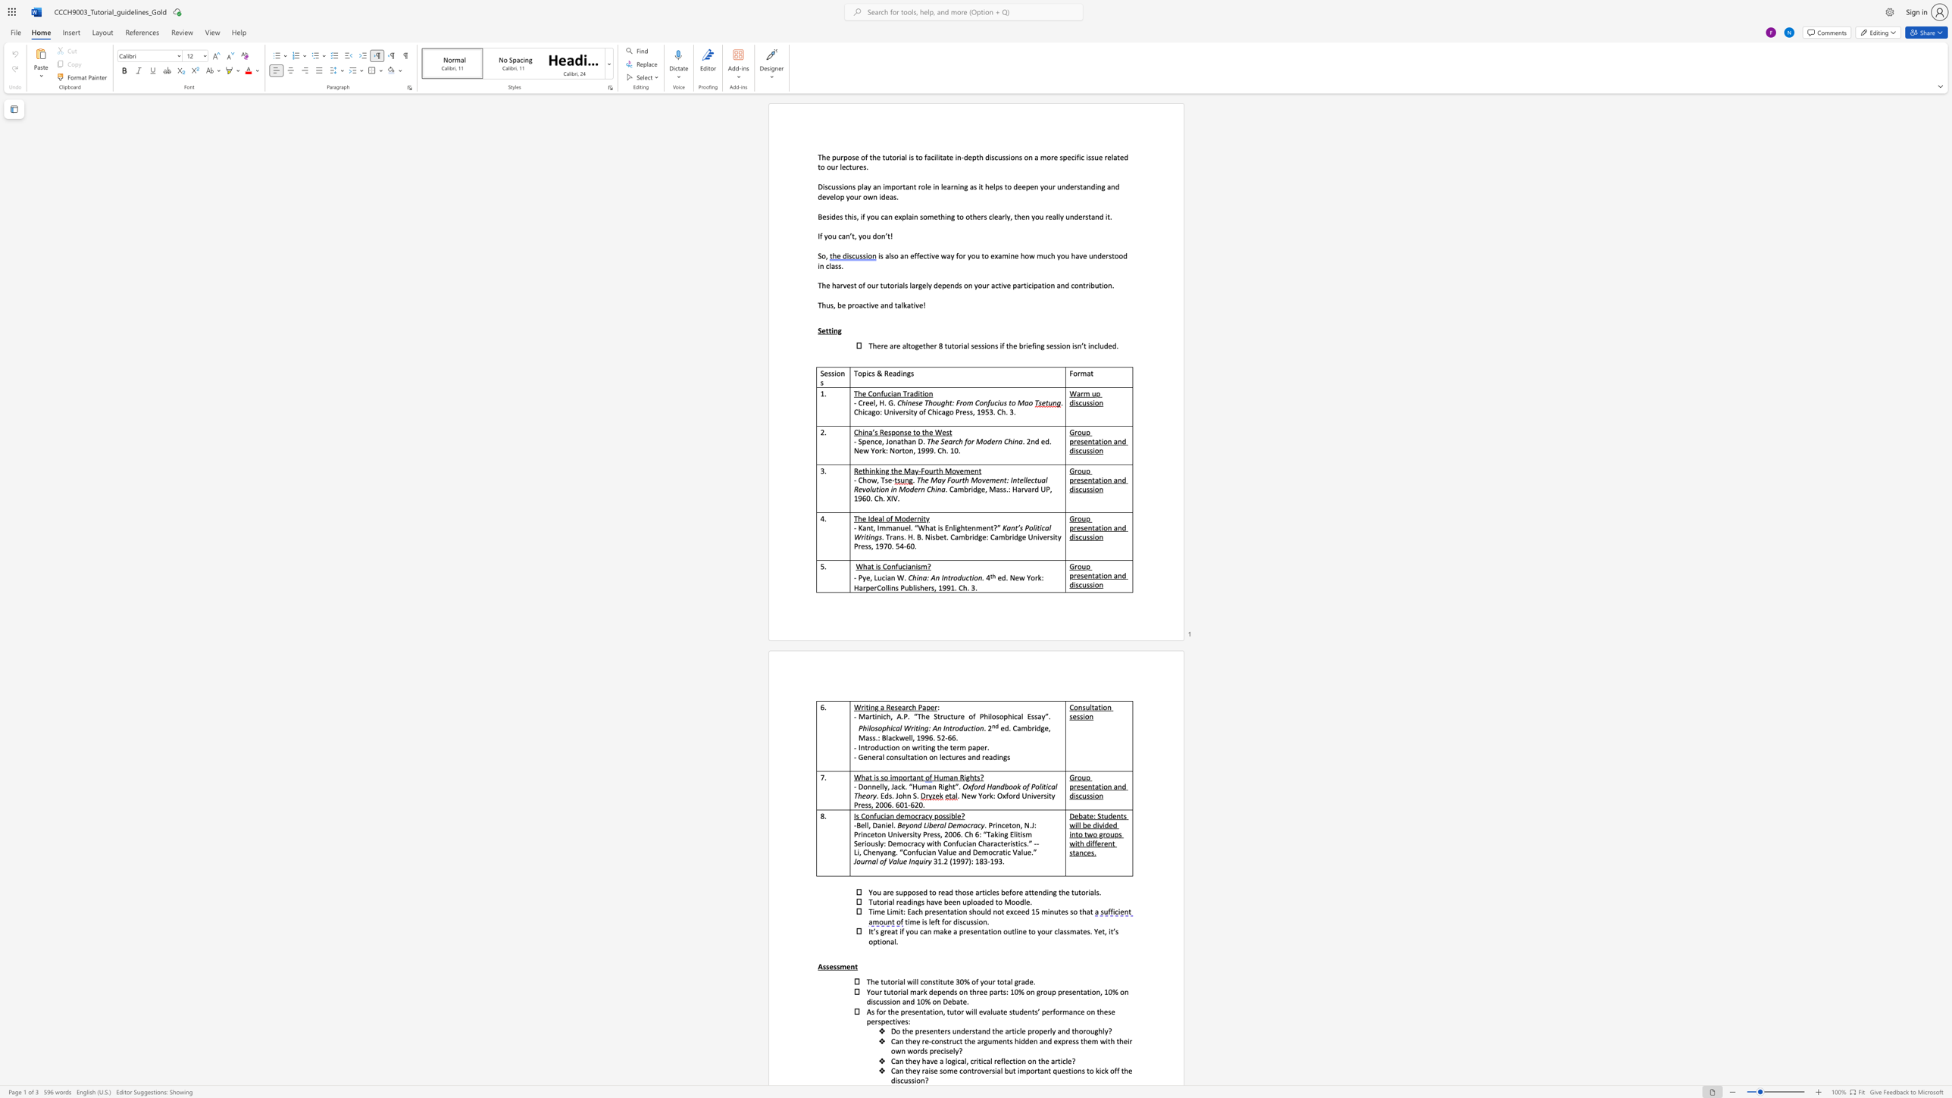 The image size is (1952, 1098). What do you see at coordinates (876, 587) in the screenshot?
I see `the subset text "Collins Pub" within the text "HarperCollins Publishers, 1991. Ch. 3."` at bounding box center [876, 587].